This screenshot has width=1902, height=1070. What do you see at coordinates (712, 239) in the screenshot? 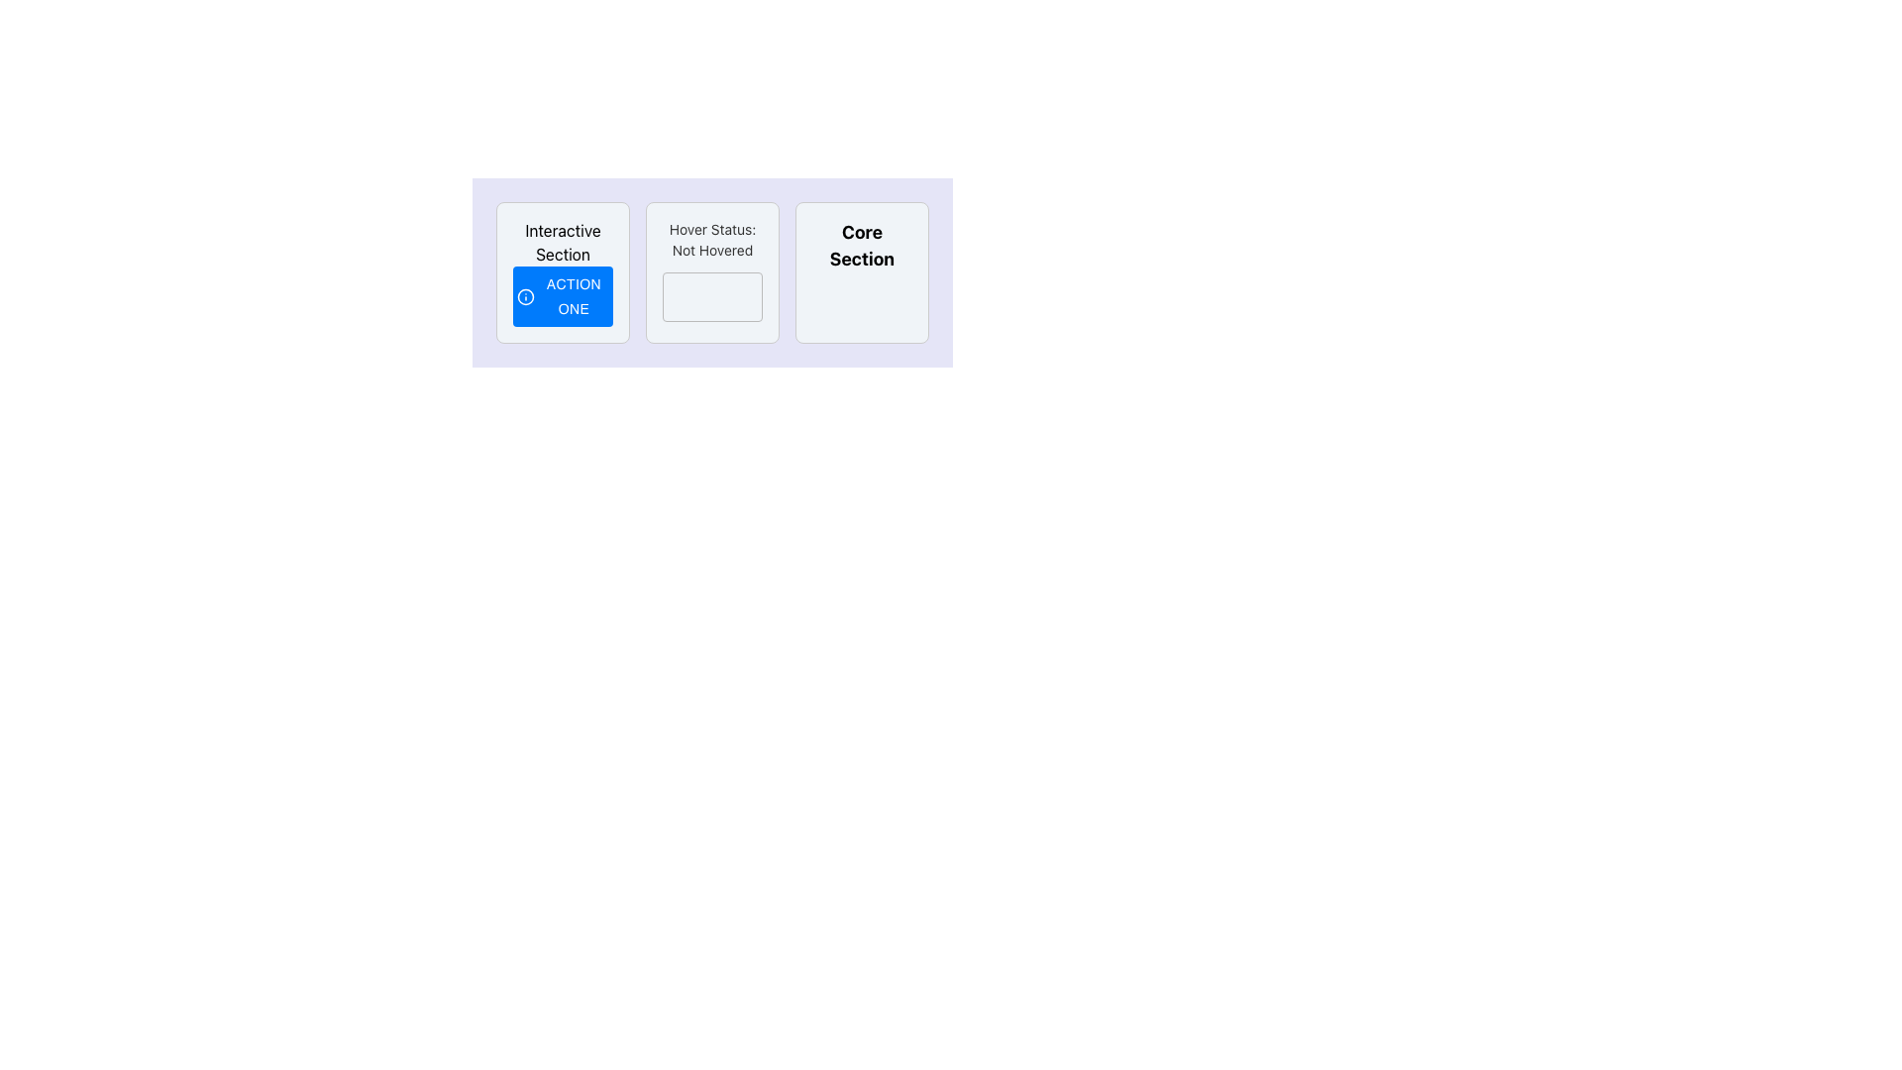
I see `text content of the Text Label that indicates hover status, which currently displays 'Not Hovered'` at bounding box center [712, 239].